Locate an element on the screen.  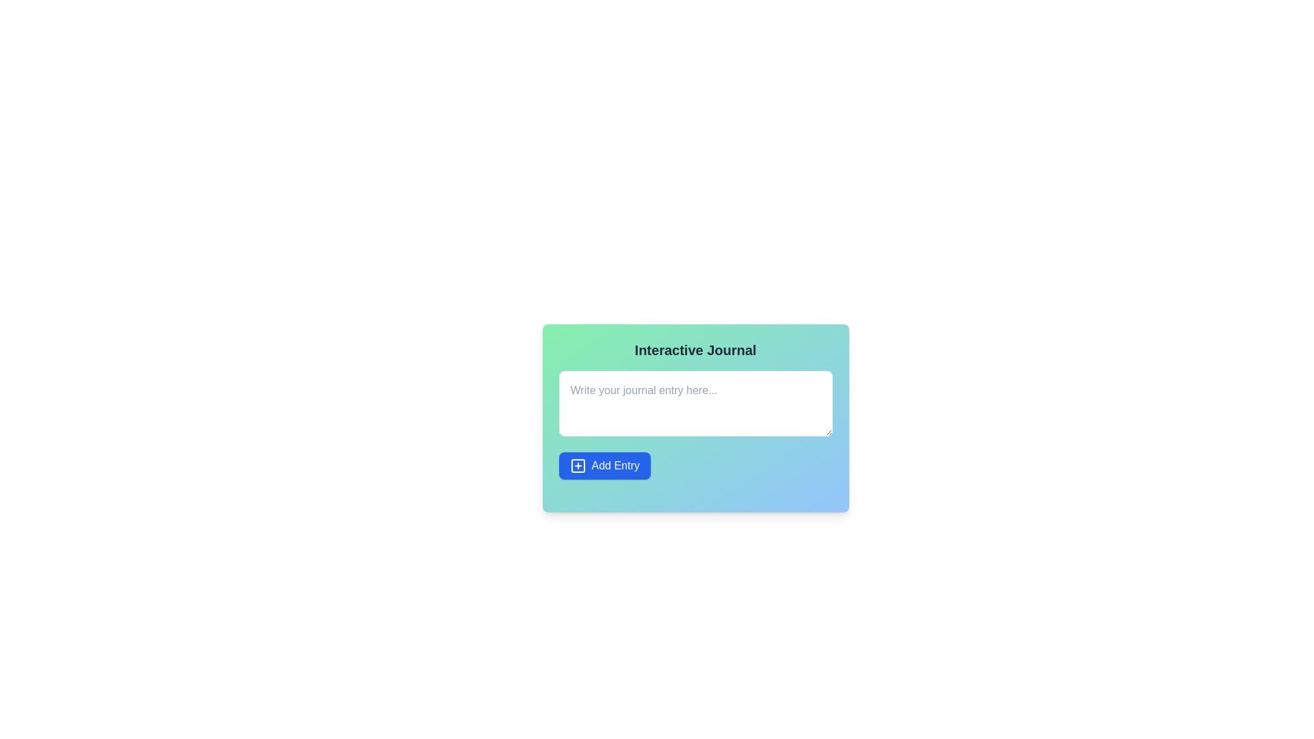
the decorative or informative icon located inside the blue 'Add Entry' button beneath the input text box labeled 'Write your journal entry here...' is located at coordinates (578, 465).